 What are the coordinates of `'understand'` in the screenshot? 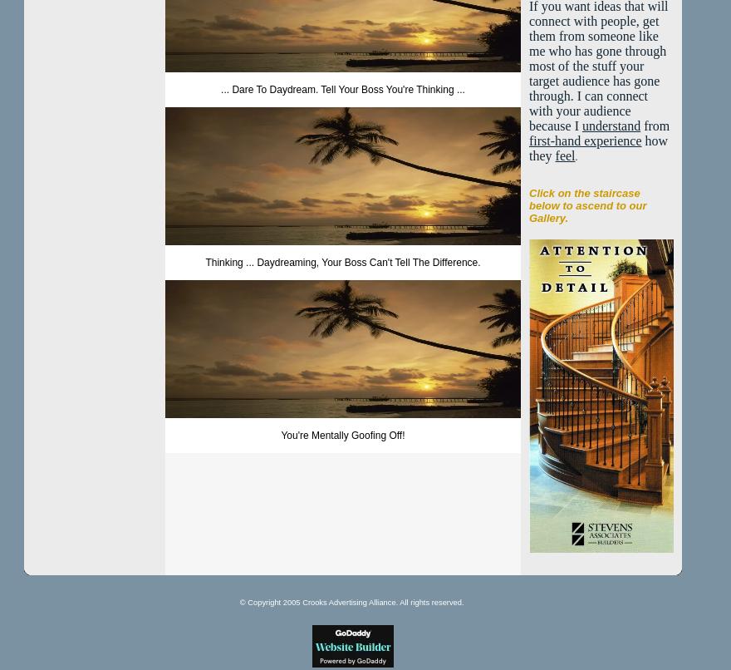 It's located at (610, 126).